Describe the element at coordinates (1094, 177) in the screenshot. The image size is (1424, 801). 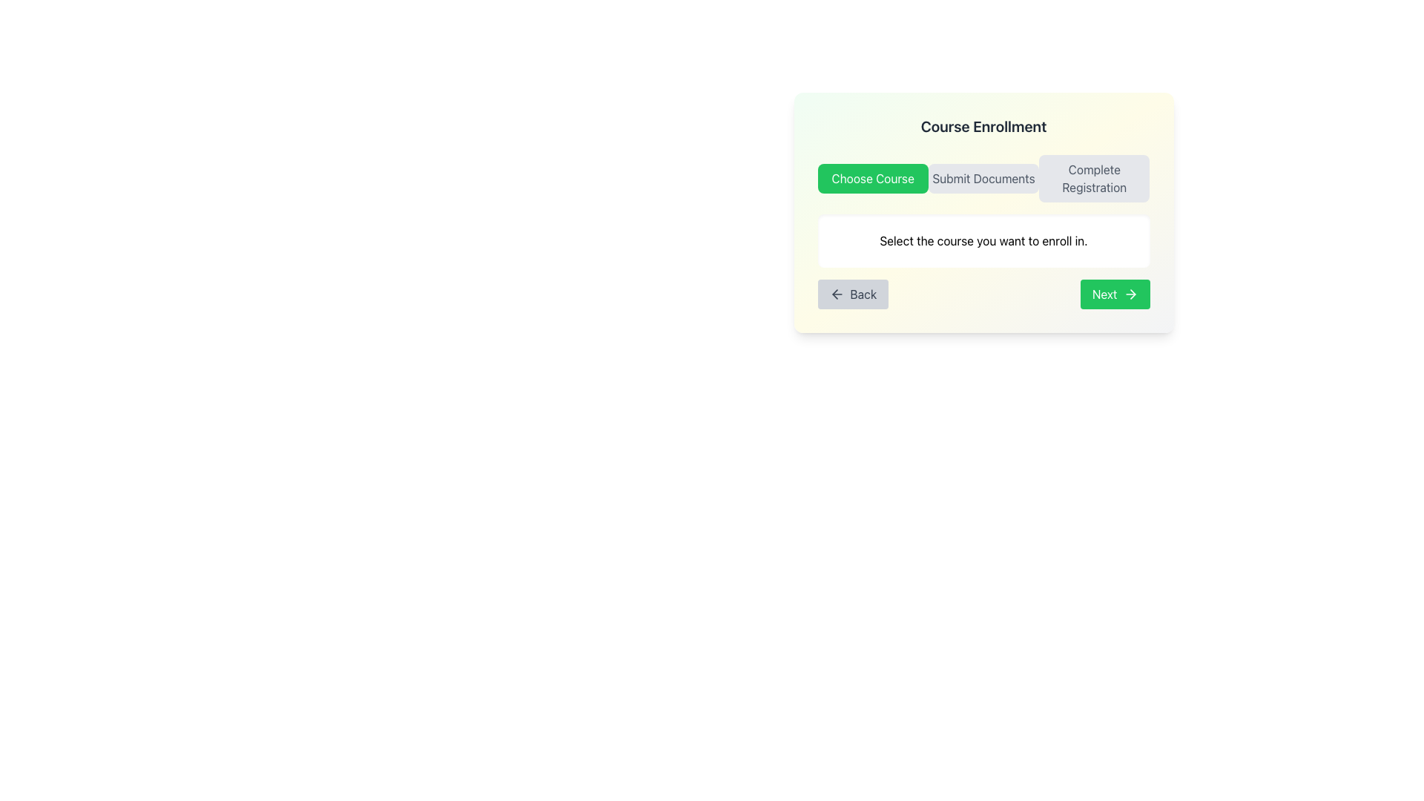
I see `the third button in the Course Enrollment step progression interface` at that location.